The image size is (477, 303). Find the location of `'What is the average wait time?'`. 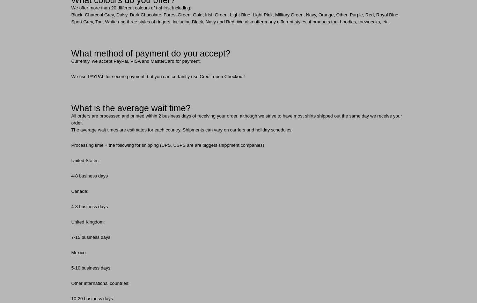

'What is the average wait time?' is located at coordinates (130, 107).